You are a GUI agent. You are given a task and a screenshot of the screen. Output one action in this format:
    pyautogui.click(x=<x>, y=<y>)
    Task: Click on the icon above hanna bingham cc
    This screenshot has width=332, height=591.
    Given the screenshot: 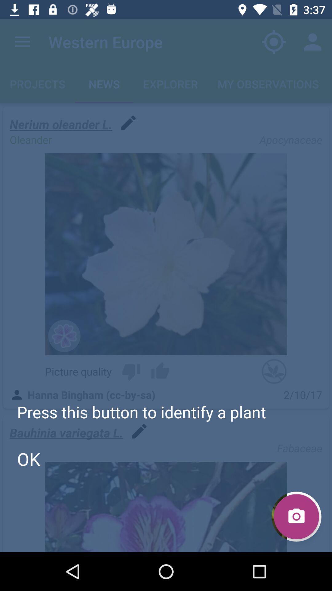 What is the action you would take?
    pyautogui.click(x=160, y=371)
    